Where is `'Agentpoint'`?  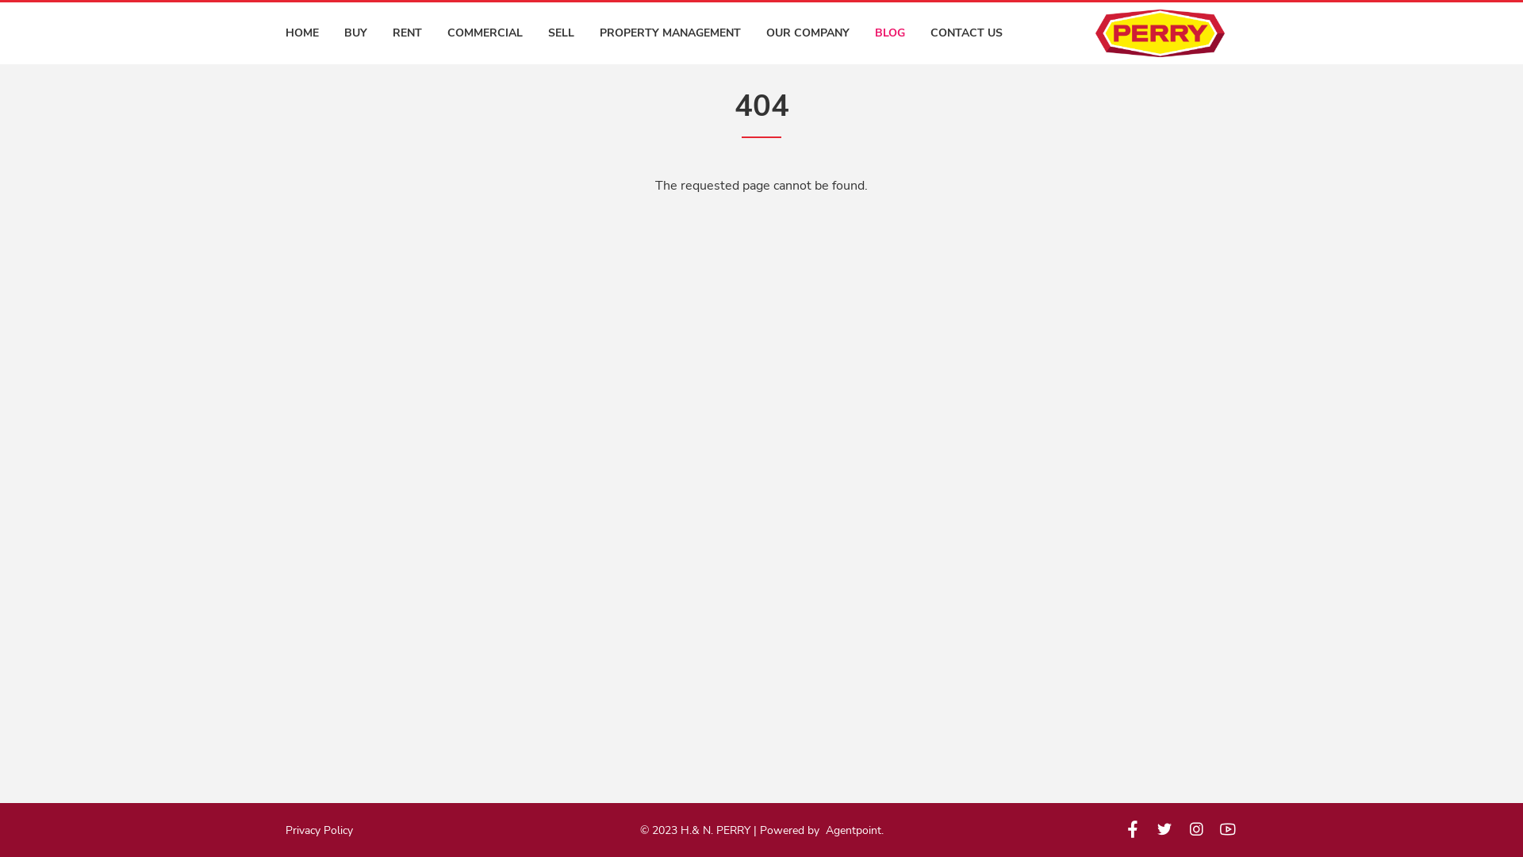
'Agentpoint' is located at coordinates (852, 828).